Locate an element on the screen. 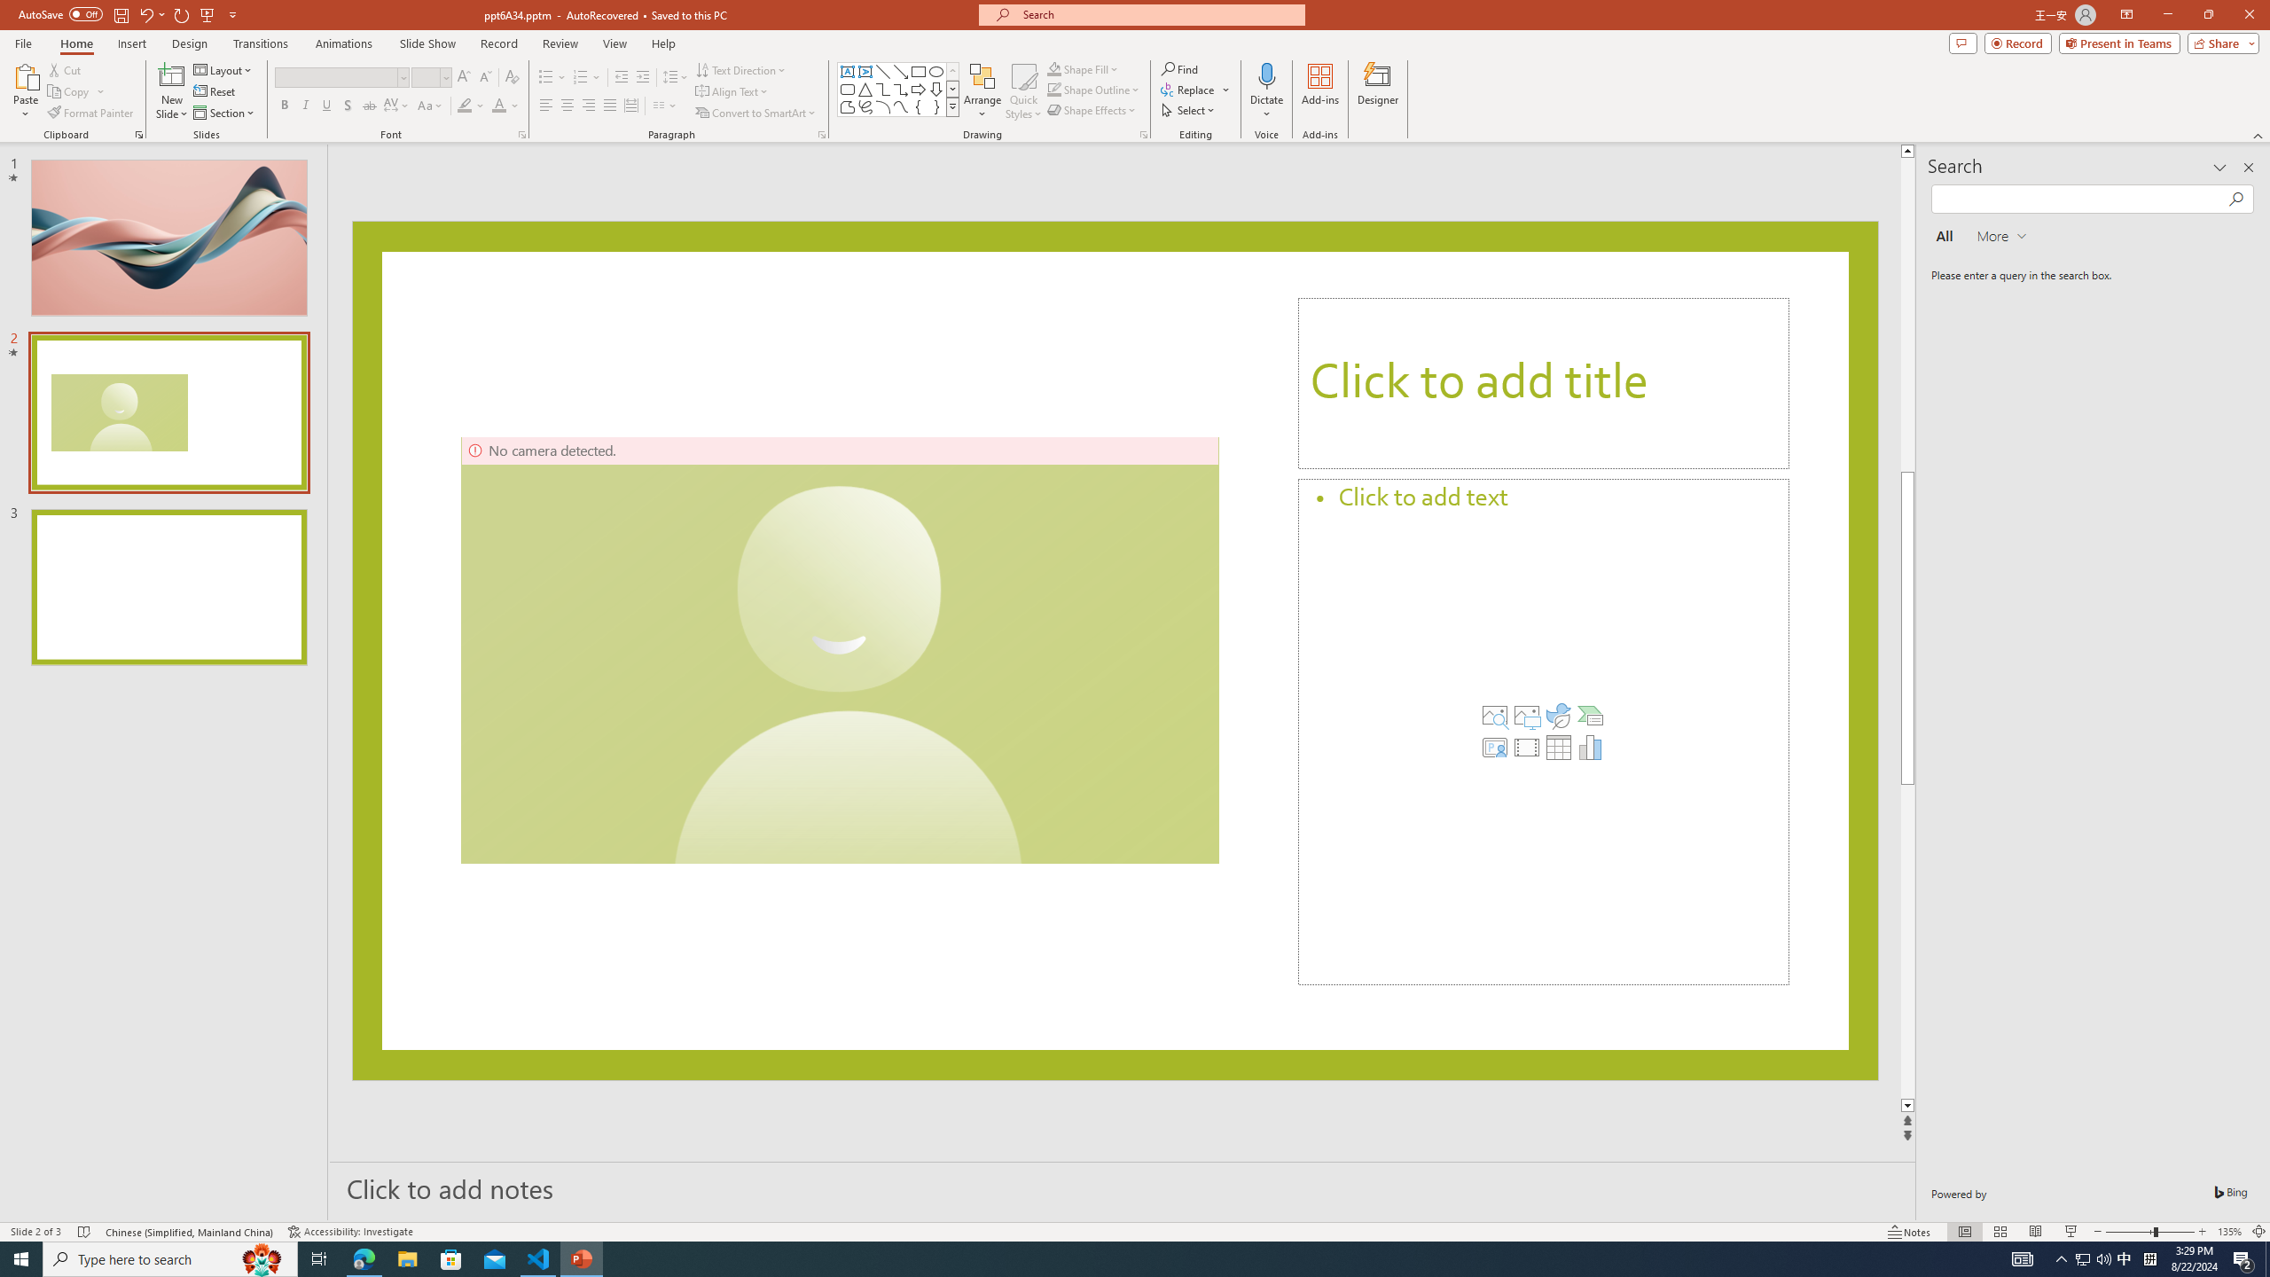  'Transitions' is located at coordinates (260, 43).